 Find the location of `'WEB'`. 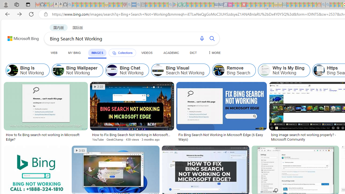

'WEB' is located at coordinates (54, 53).